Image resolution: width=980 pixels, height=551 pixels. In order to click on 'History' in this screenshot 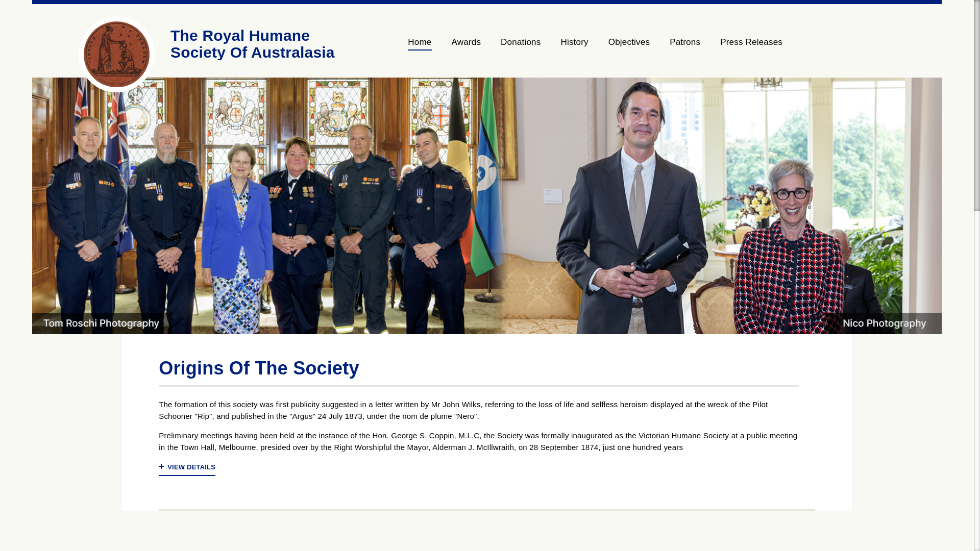, I will do `click(550, 46)`.